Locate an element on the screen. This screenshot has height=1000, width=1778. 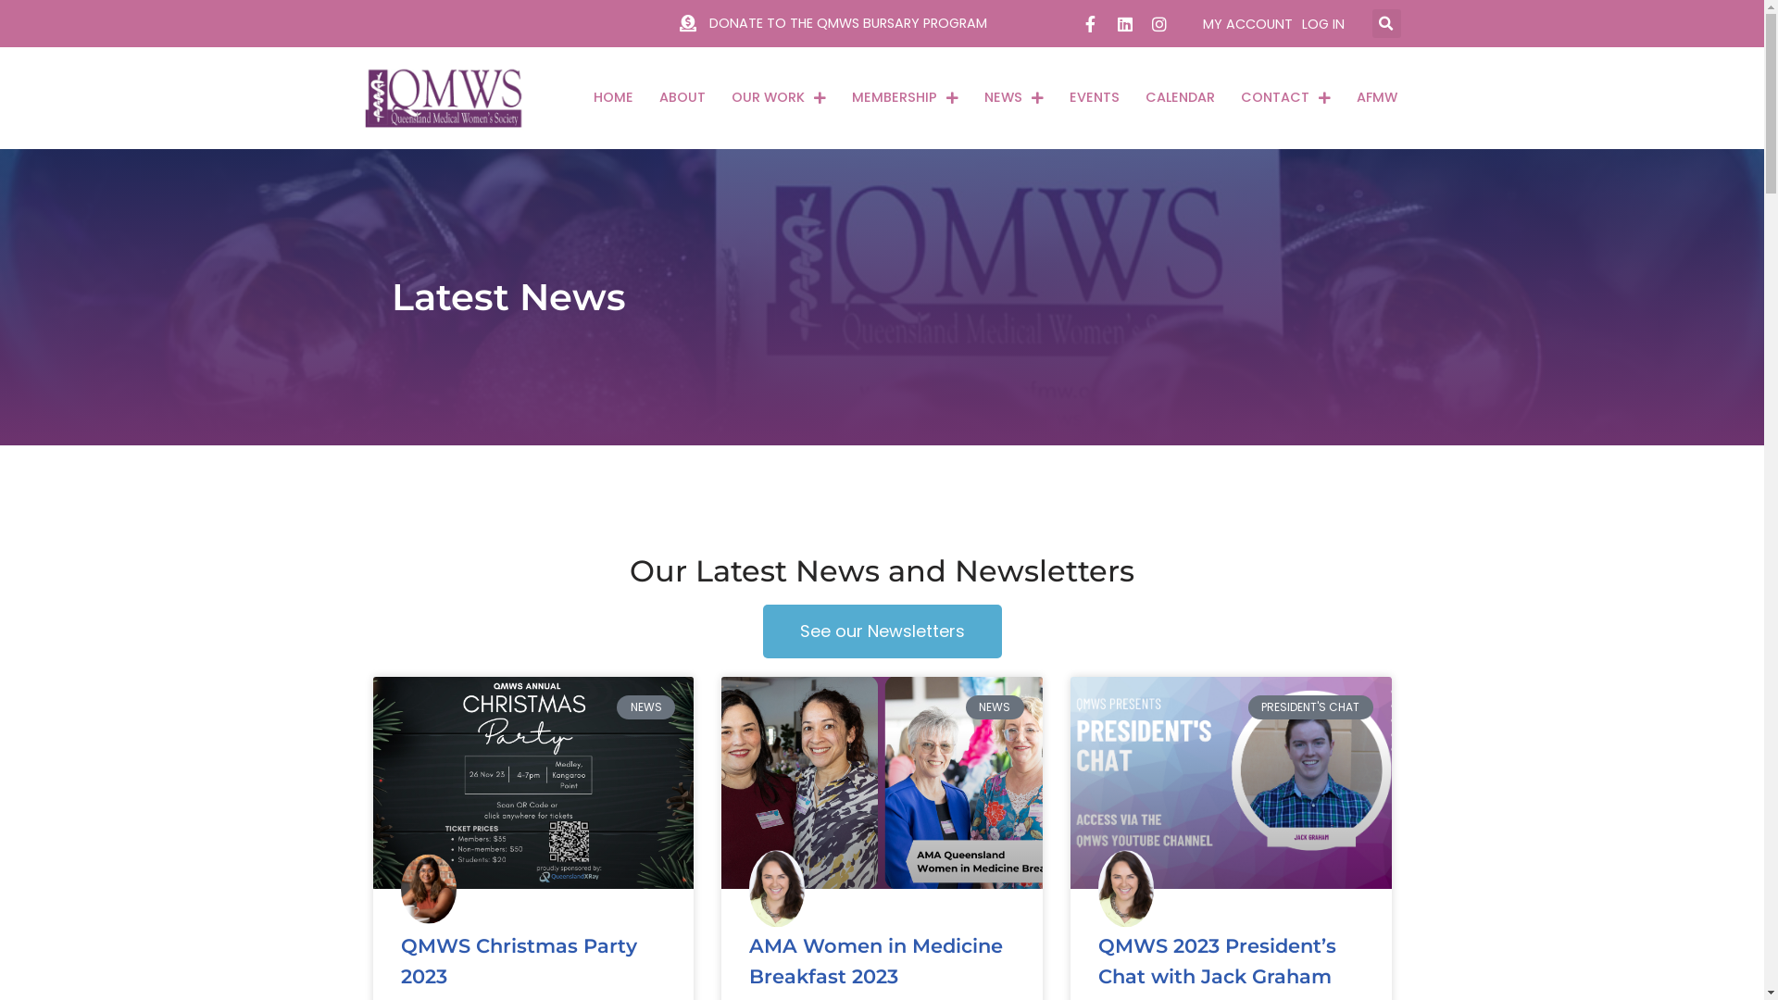
'EVENTS' is located at coordinates (1094, 97).